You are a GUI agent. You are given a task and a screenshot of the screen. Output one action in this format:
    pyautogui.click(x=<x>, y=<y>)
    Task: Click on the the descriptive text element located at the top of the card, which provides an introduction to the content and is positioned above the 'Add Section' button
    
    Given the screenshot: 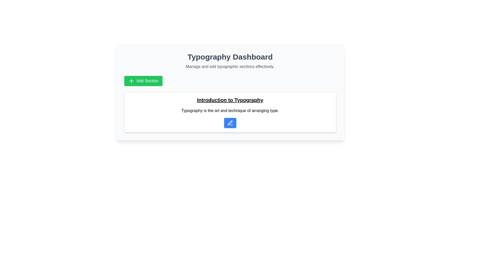 What is the action you would take?
    pyautogui.click(x=230, y=61)
    